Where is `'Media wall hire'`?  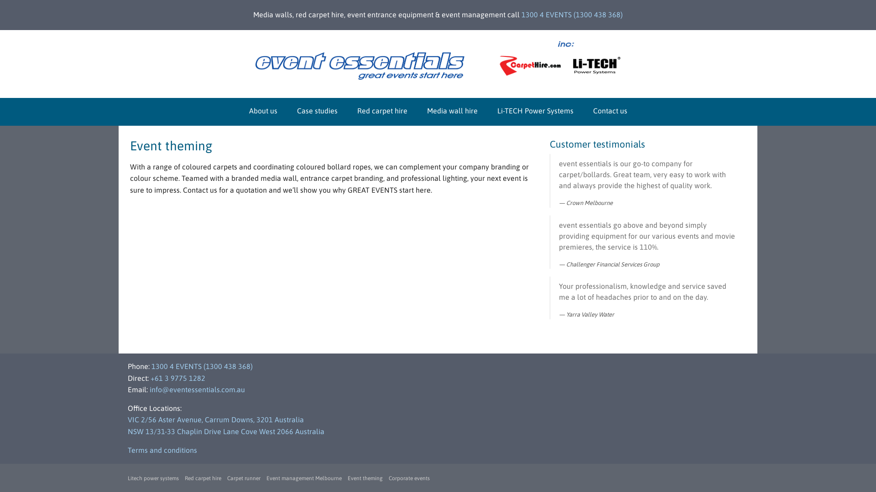
'Media wall hire' is located at coordinates (452, 110).